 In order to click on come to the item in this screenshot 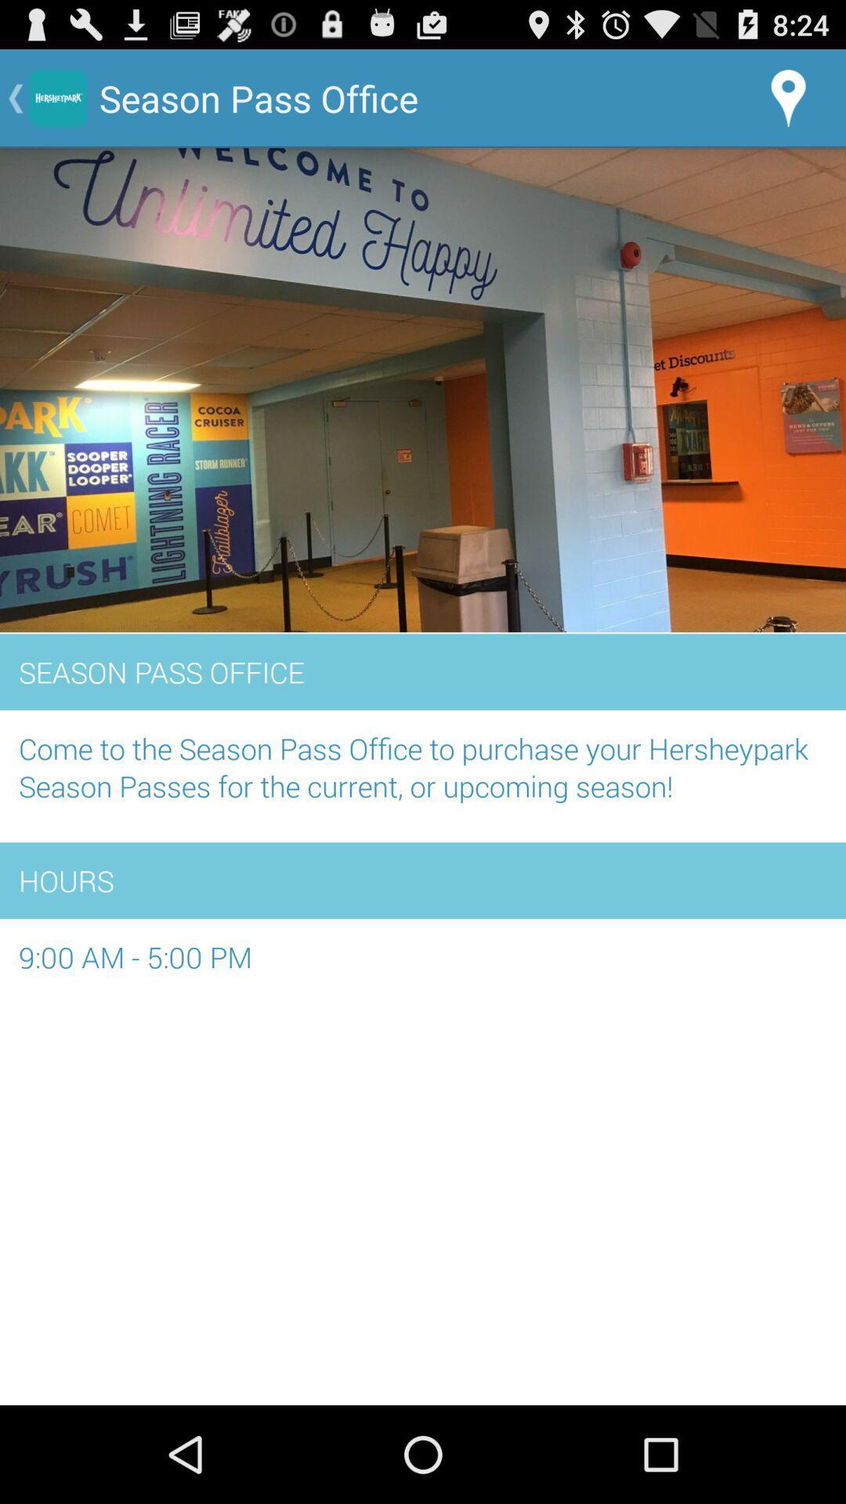, I will do `click(423, 776)`.